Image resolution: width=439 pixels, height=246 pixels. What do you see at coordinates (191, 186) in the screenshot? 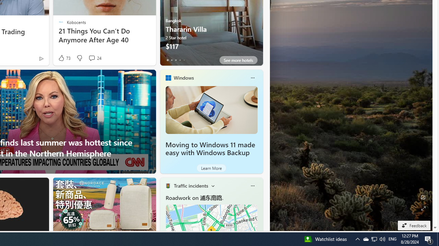
I see `'Traffic incidents'` at bounding box center [191, 186].